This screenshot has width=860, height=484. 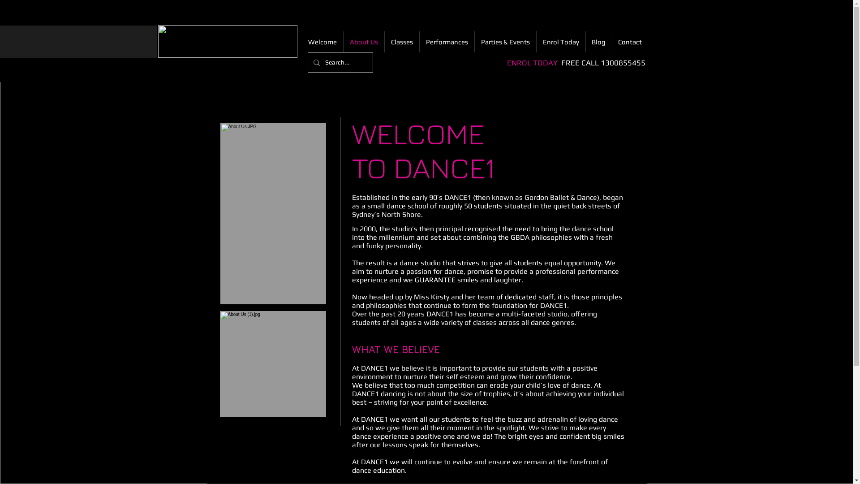 I want to click on 'About Us', so click(x=363, y=42).